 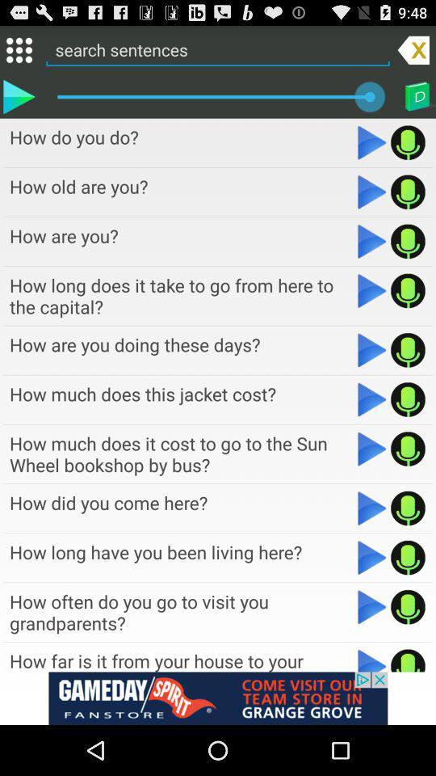 I want to click on microphone, so click(x=407, y=192).